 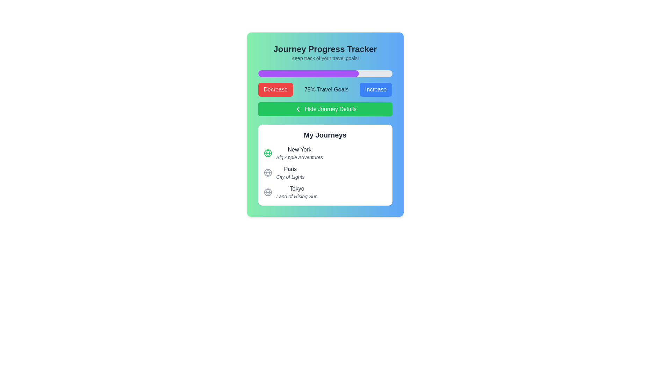 I want to click on the progress indicator that visually represents 75% achievement within the 'Journey Progress Tracker' section, so click(x=308, y=74).